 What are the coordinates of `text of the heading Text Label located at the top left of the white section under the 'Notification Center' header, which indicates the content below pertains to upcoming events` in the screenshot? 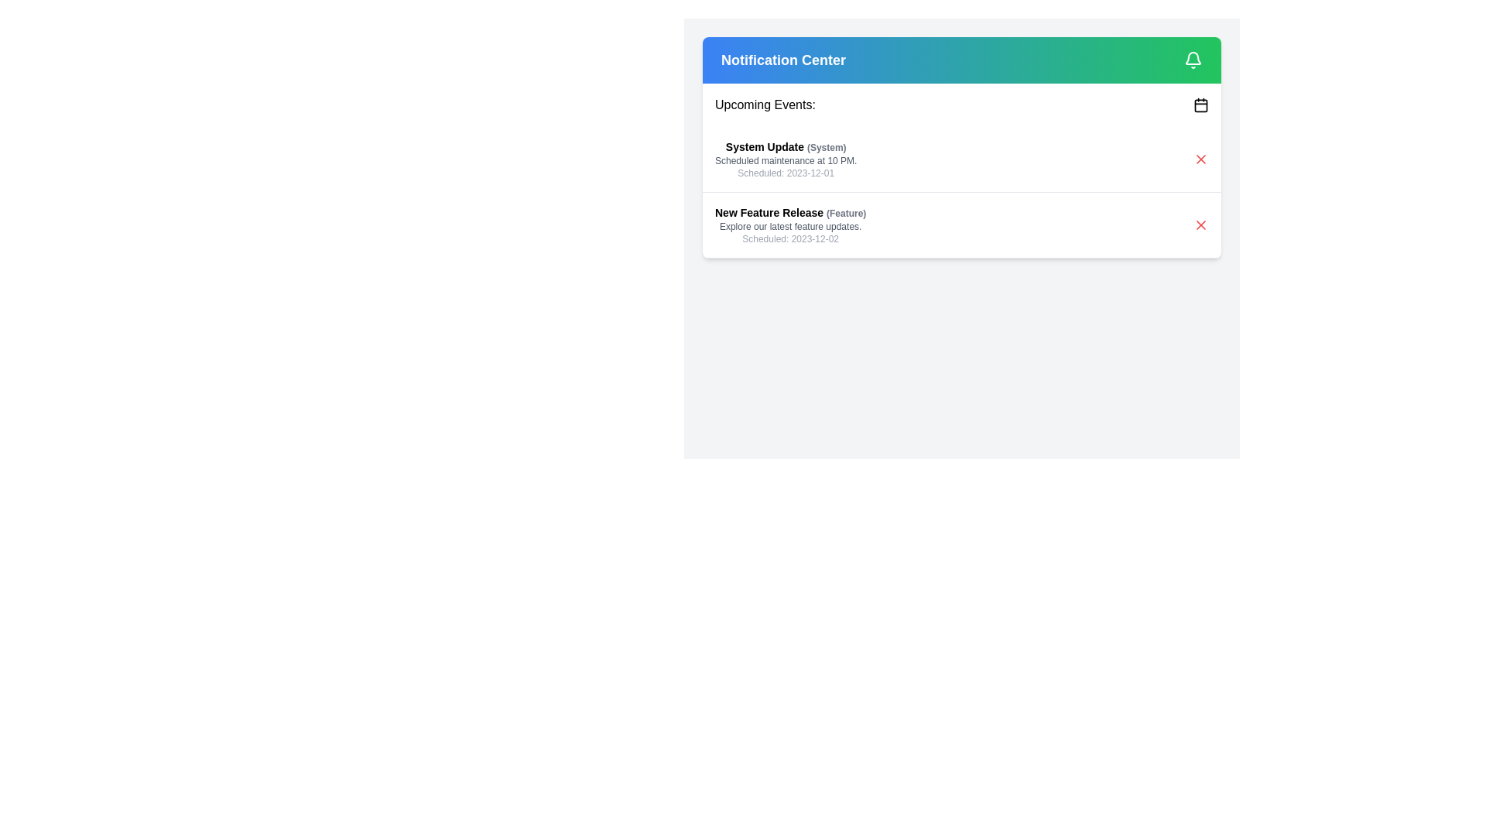 It's located at (765, 104).